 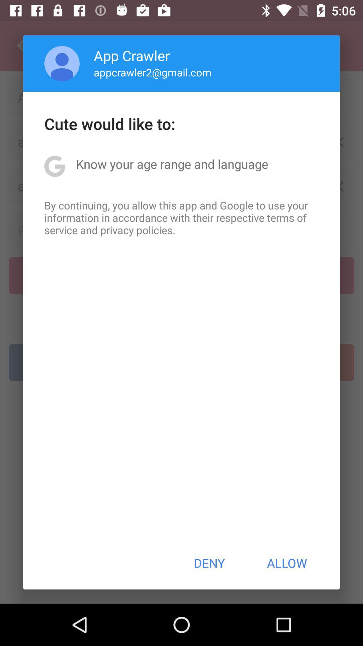 I want to click on the button to the left of allow icon, so click(x=209, y=563).